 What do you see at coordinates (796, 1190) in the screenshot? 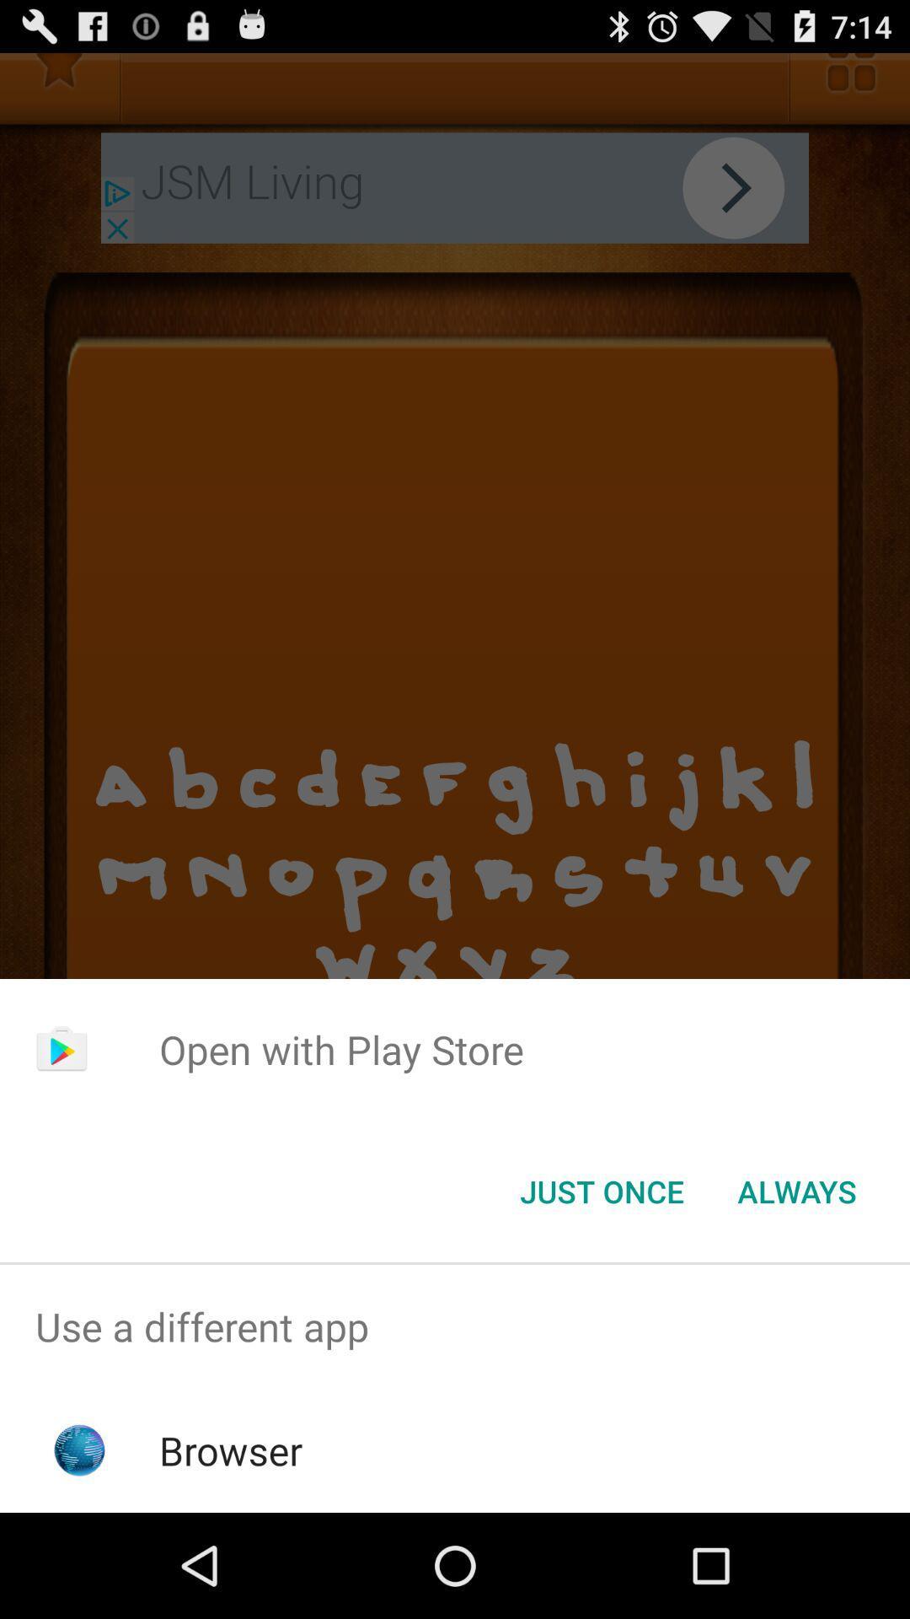
I see `always` at bounding box center [796, 1190].